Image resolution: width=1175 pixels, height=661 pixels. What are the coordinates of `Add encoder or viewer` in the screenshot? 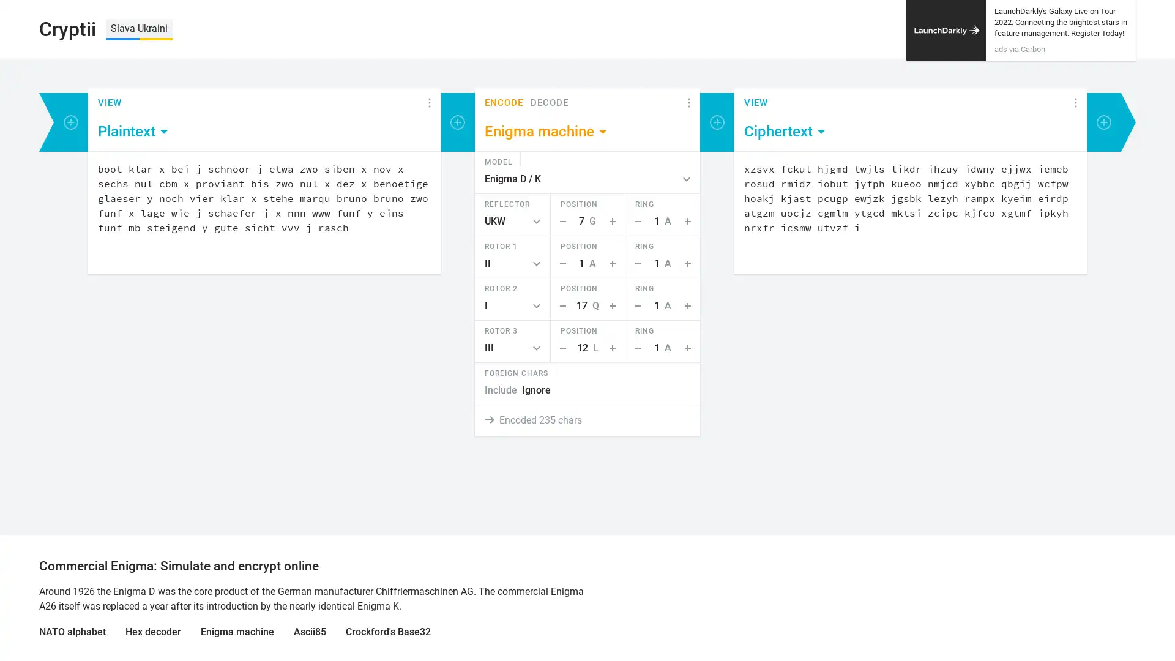 It's located at (1104, 122).